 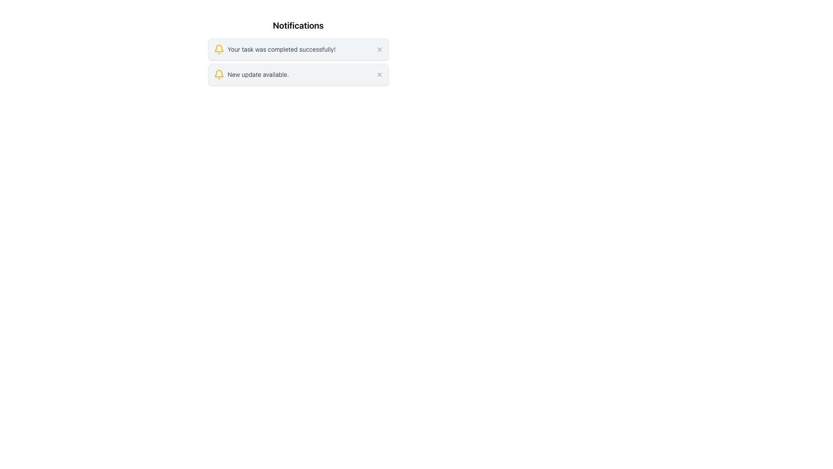 What do you see at coordinates (251, 74) in the screenshot?
I see `the text notification label that displays 'New update available.' which is located centrally in the layout below the first notification, adjacent to a yellow bell icon` at bounding box center [251, 74].